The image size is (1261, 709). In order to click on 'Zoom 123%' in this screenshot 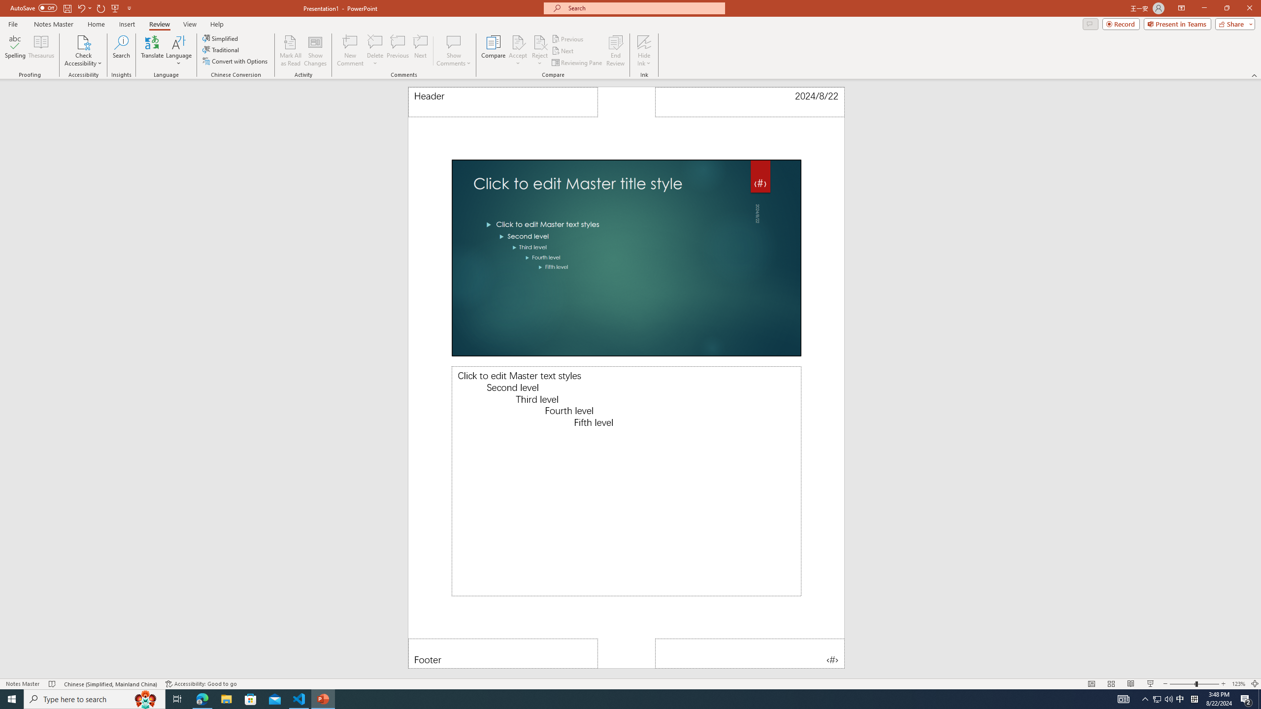, I will do `click(1239, 684)`.